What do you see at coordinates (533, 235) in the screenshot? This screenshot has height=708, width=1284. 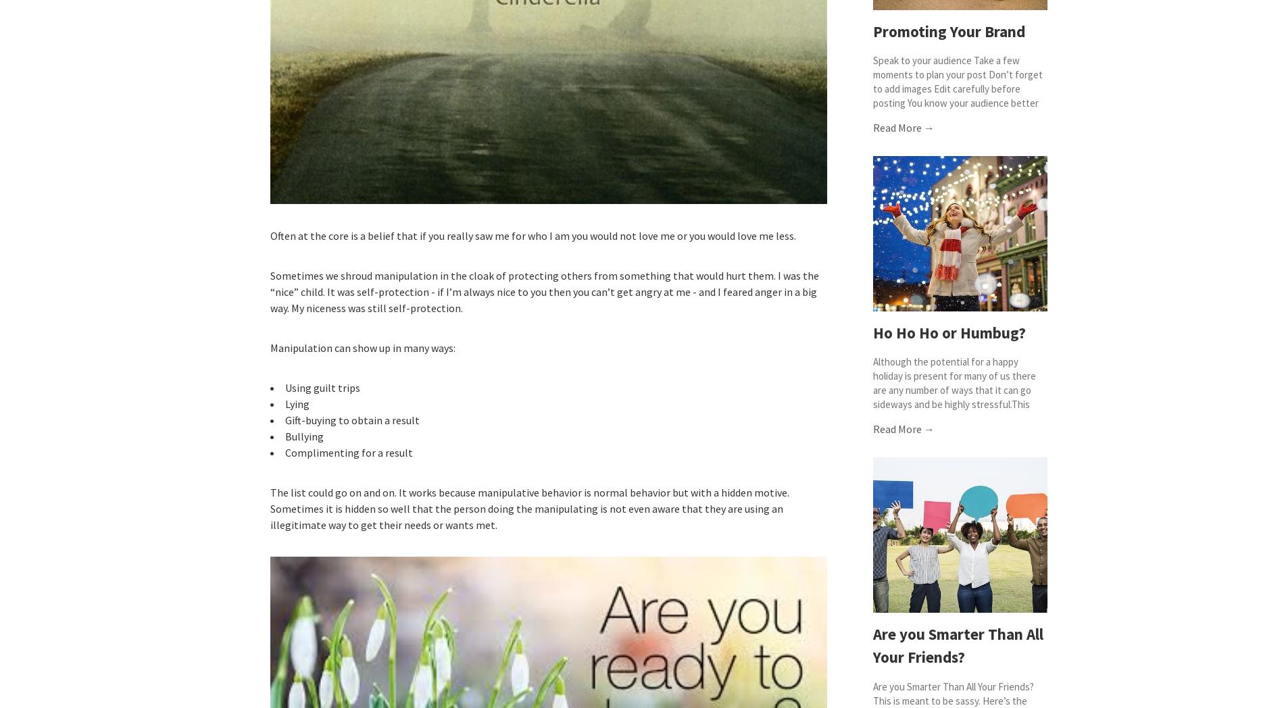 I see `'Often at the core is a belief that if you really saw me for who I am you would not love me or you would love me less.'` at bounding box center [533, 235].